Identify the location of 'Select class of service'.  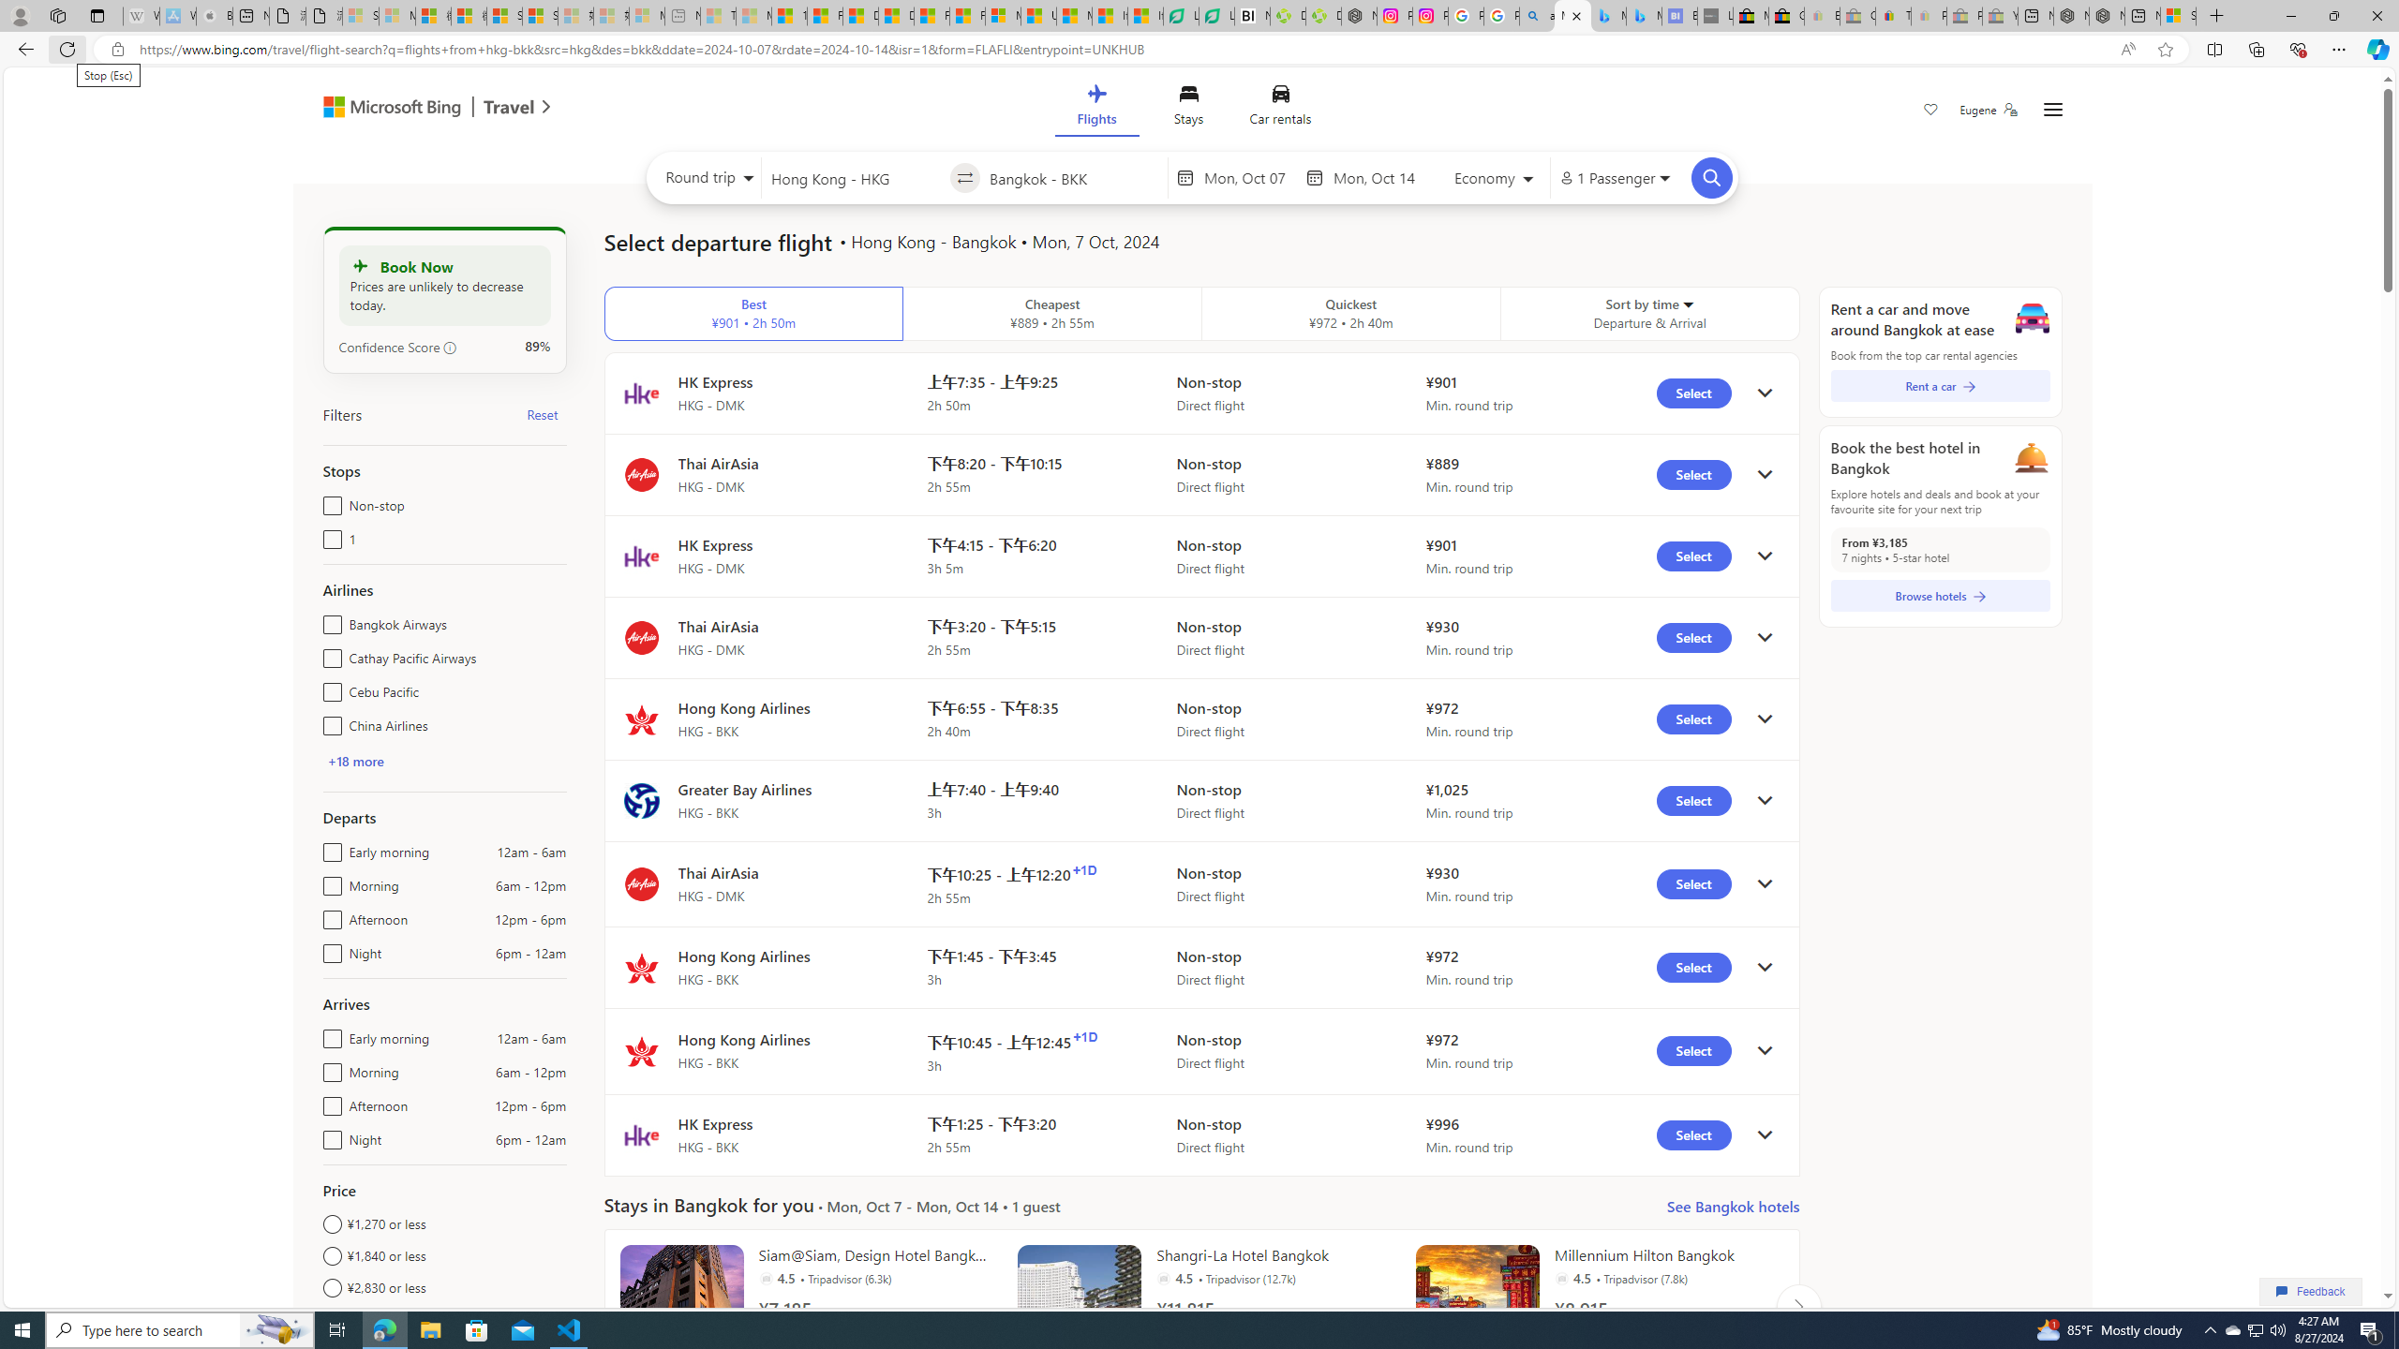
(1493, 180).